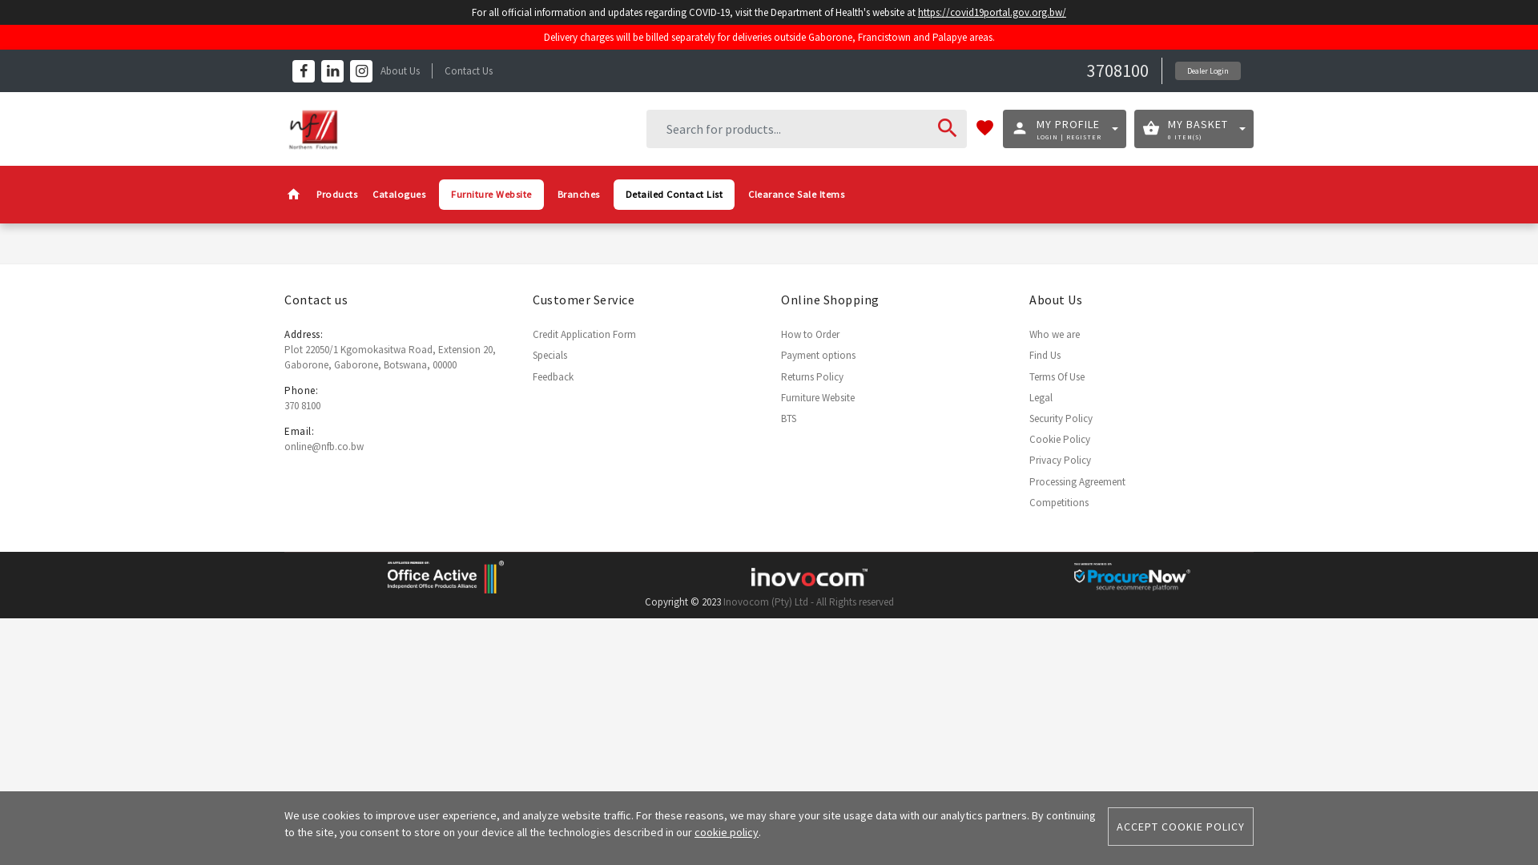  What do you see at coordinates (818, 354) in the screenshot?
I see `'Payment options'` at bounding box center [818, 354].